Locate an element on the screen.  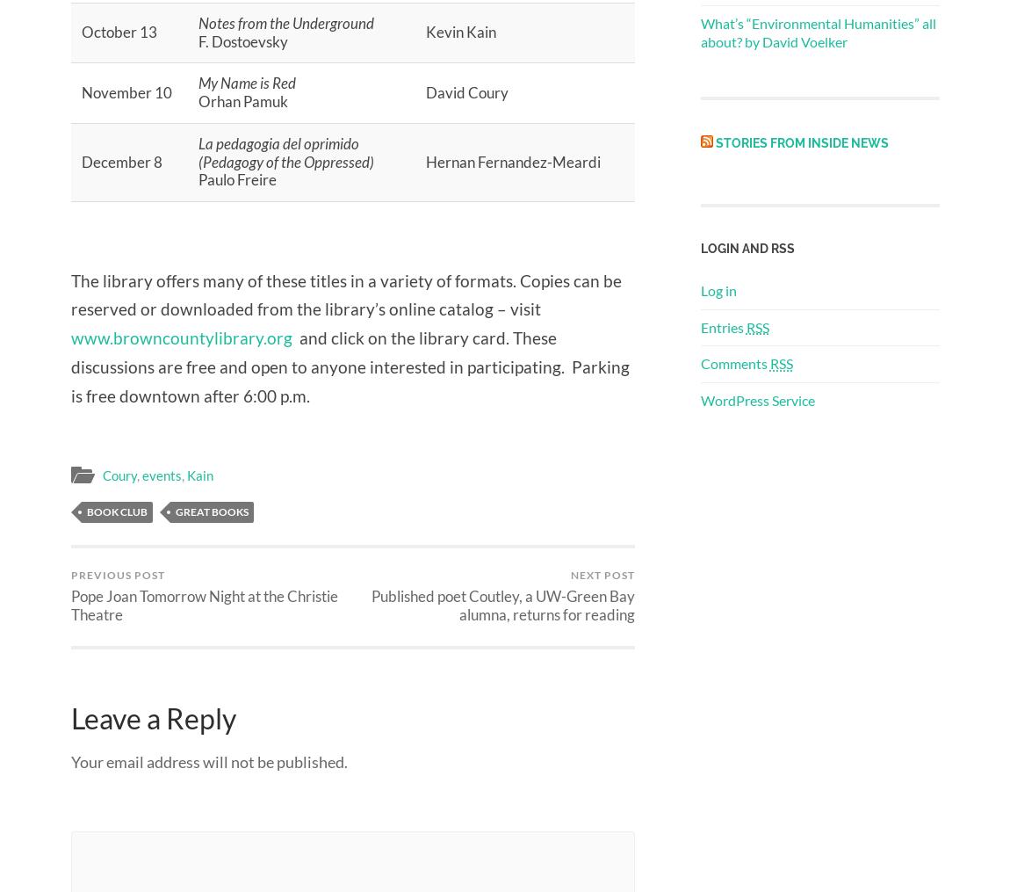
'The library offers many of these titles in a variety of formats. Copies can be reserved or downloaded from the library’s online catalog – visit' is located at coordinates (69, 293).